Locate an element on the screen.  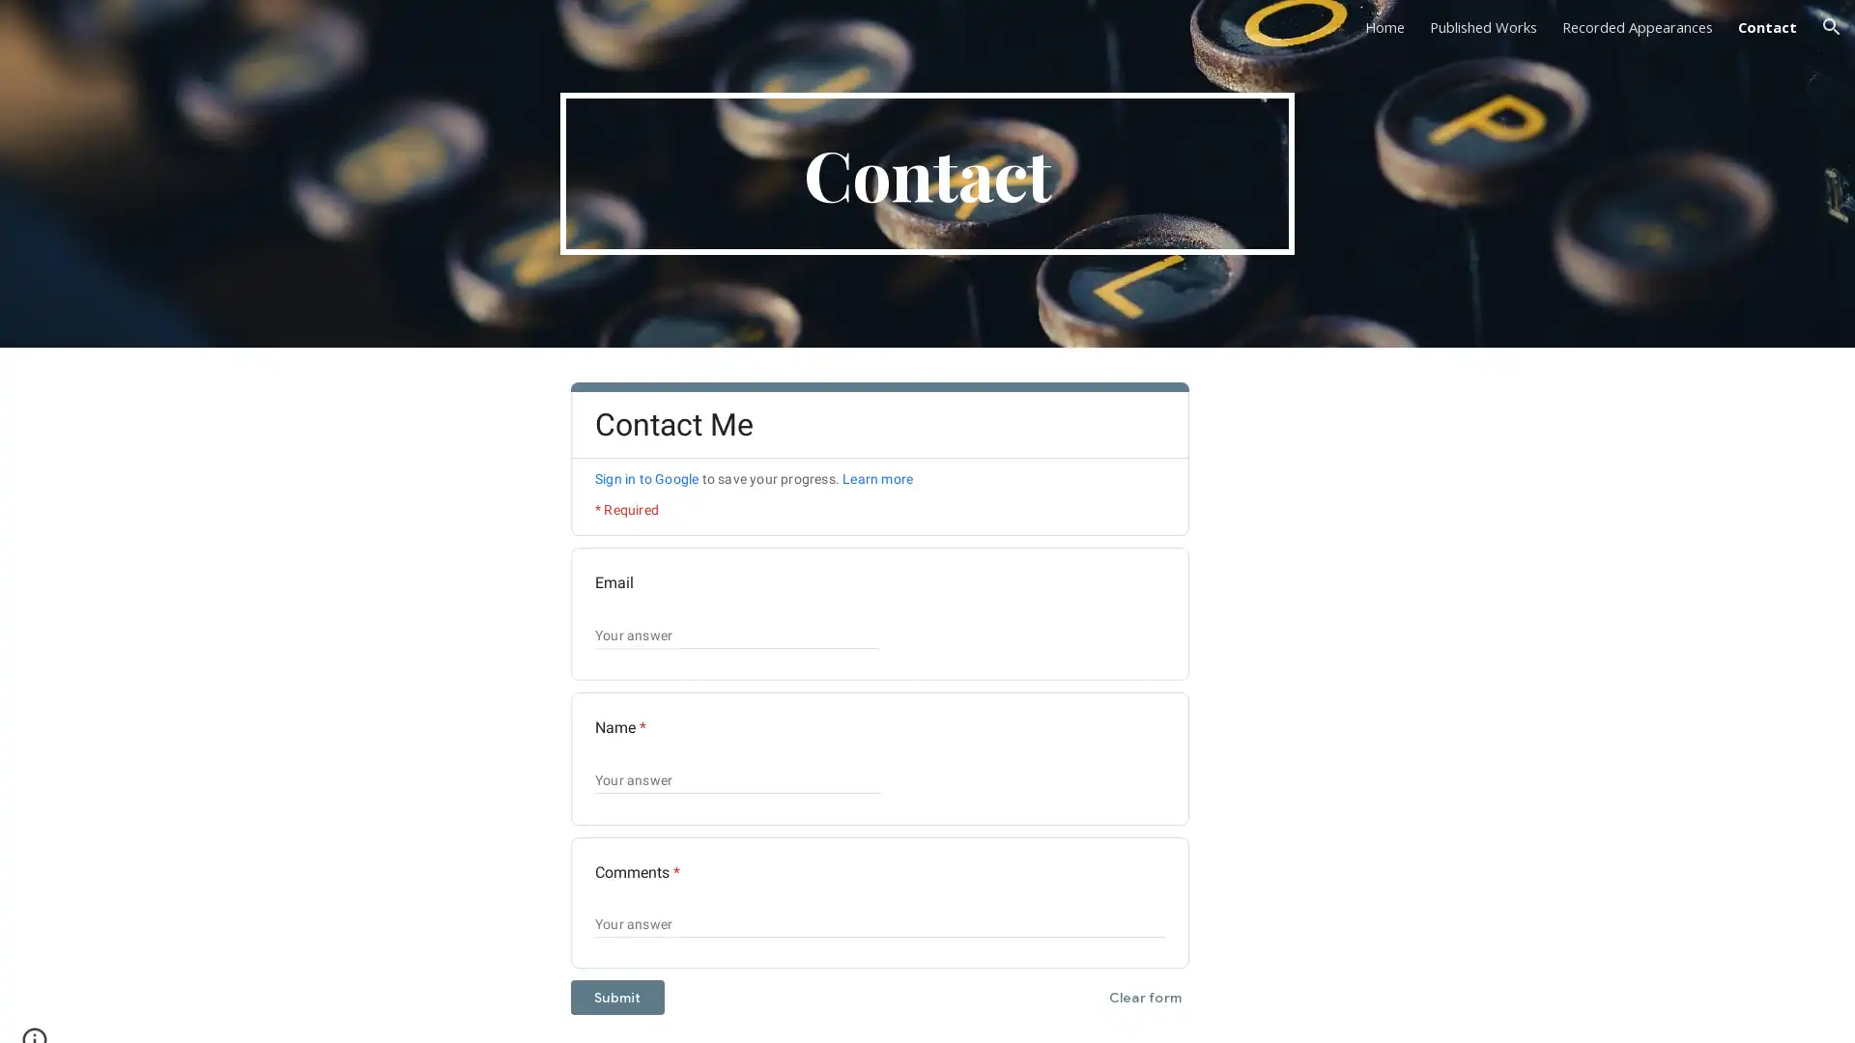
Report abuse is located at coordinates (177, 1008).